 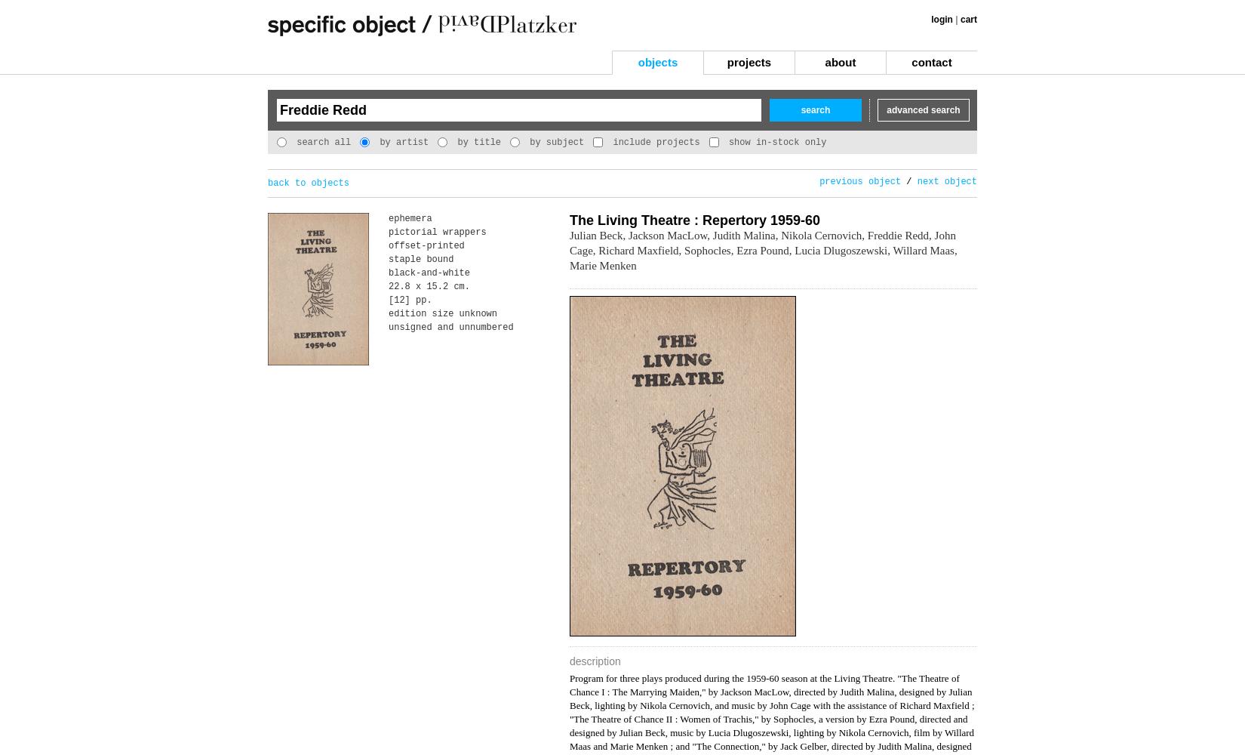 I want to click on 'projects', so click(x=726, y=61).